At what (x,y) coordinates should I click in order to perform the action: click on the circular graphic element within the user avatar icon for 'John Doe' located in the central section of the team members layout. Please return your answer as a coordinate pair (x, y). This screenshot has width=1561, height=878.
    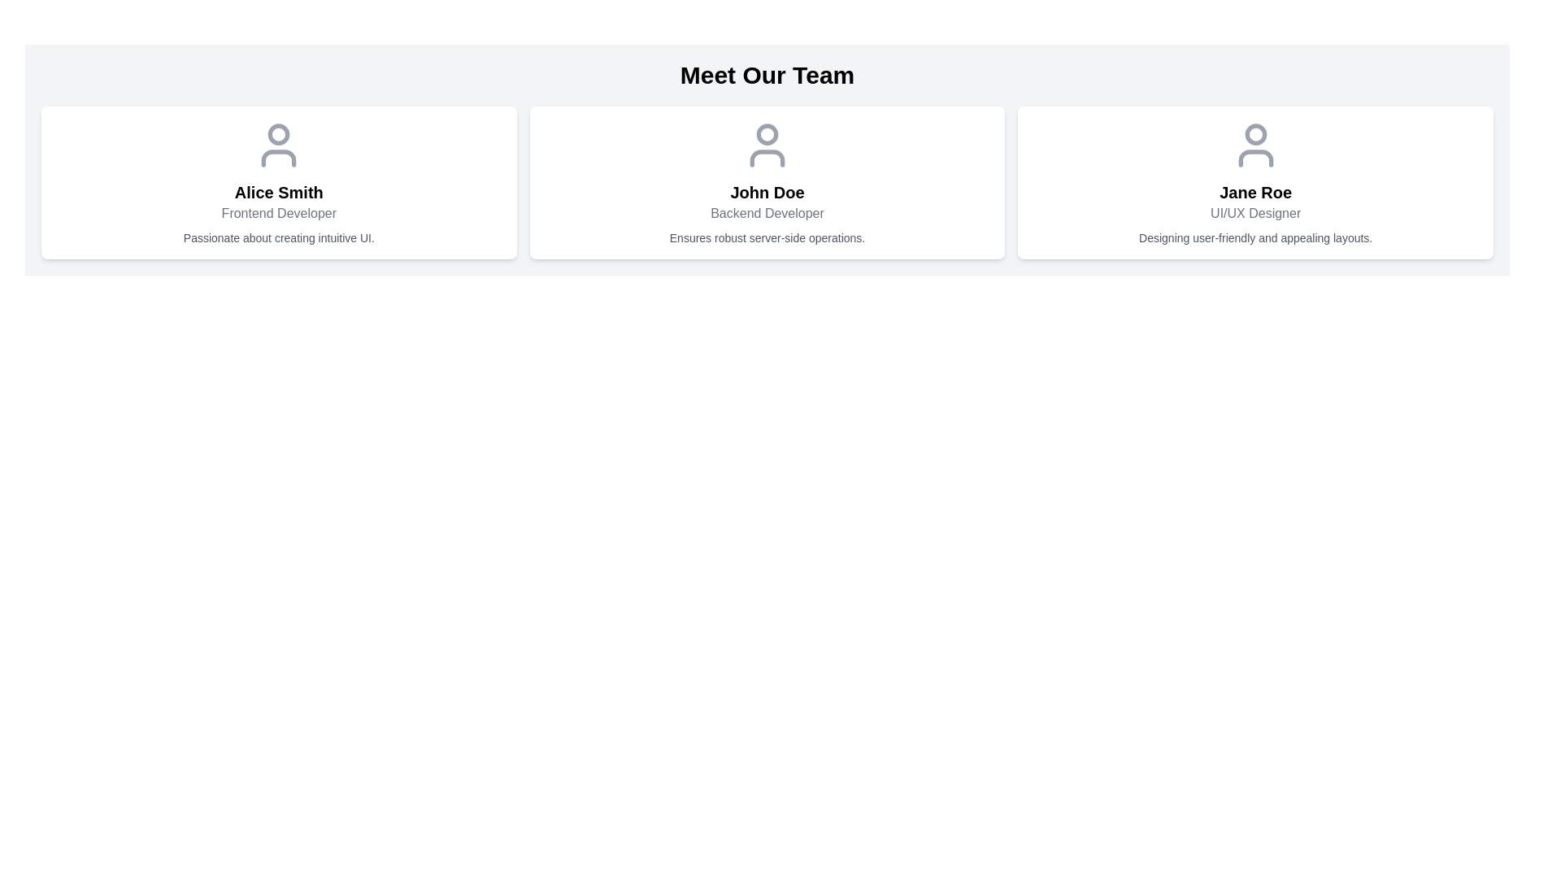
    Looking at the image, I should click on (767, 133).